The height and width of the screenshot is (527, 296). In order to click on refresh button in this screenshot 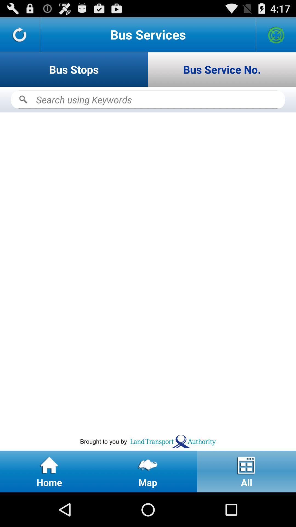, I will do `click(19, 34)`.